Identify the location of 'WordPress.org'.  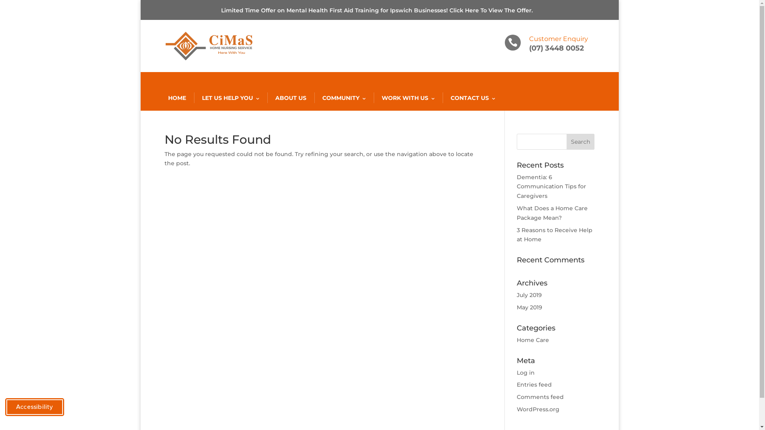
(538, 409).